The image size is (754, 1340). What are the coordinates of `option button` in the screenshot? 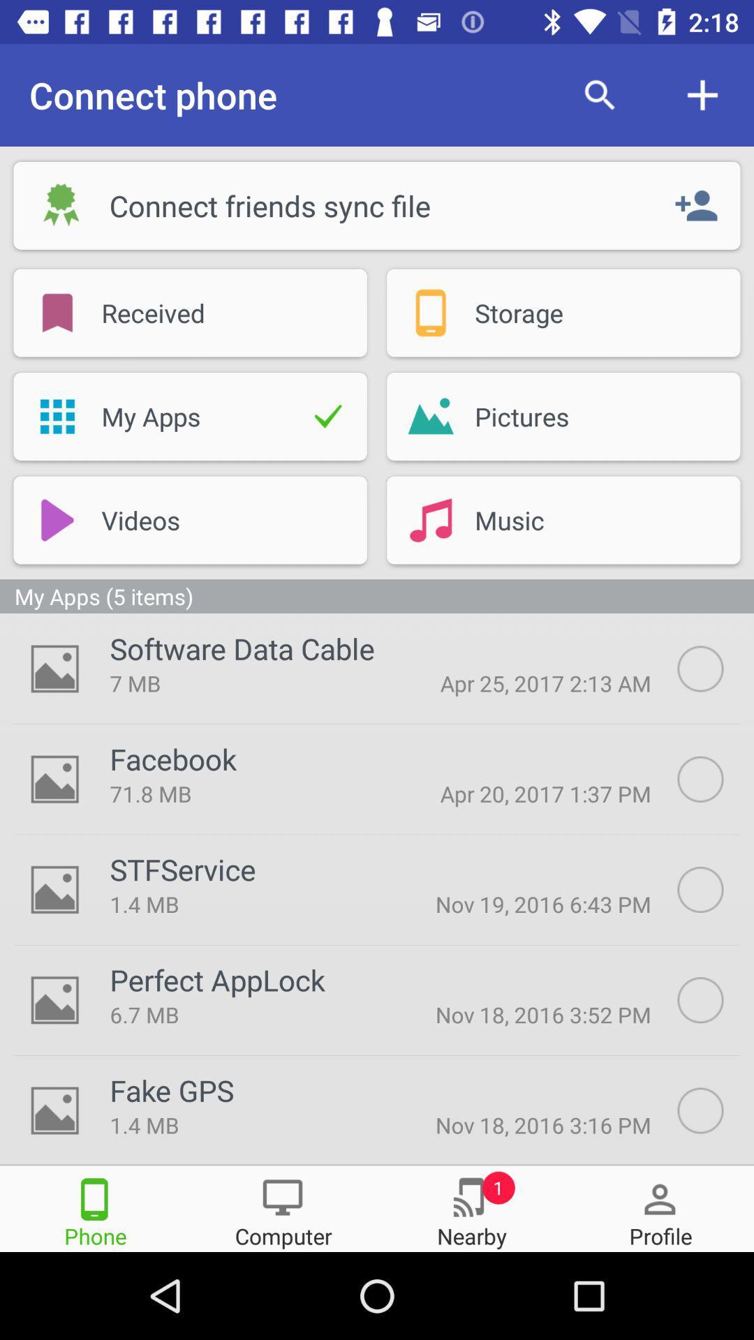 It's located at (716, 999).